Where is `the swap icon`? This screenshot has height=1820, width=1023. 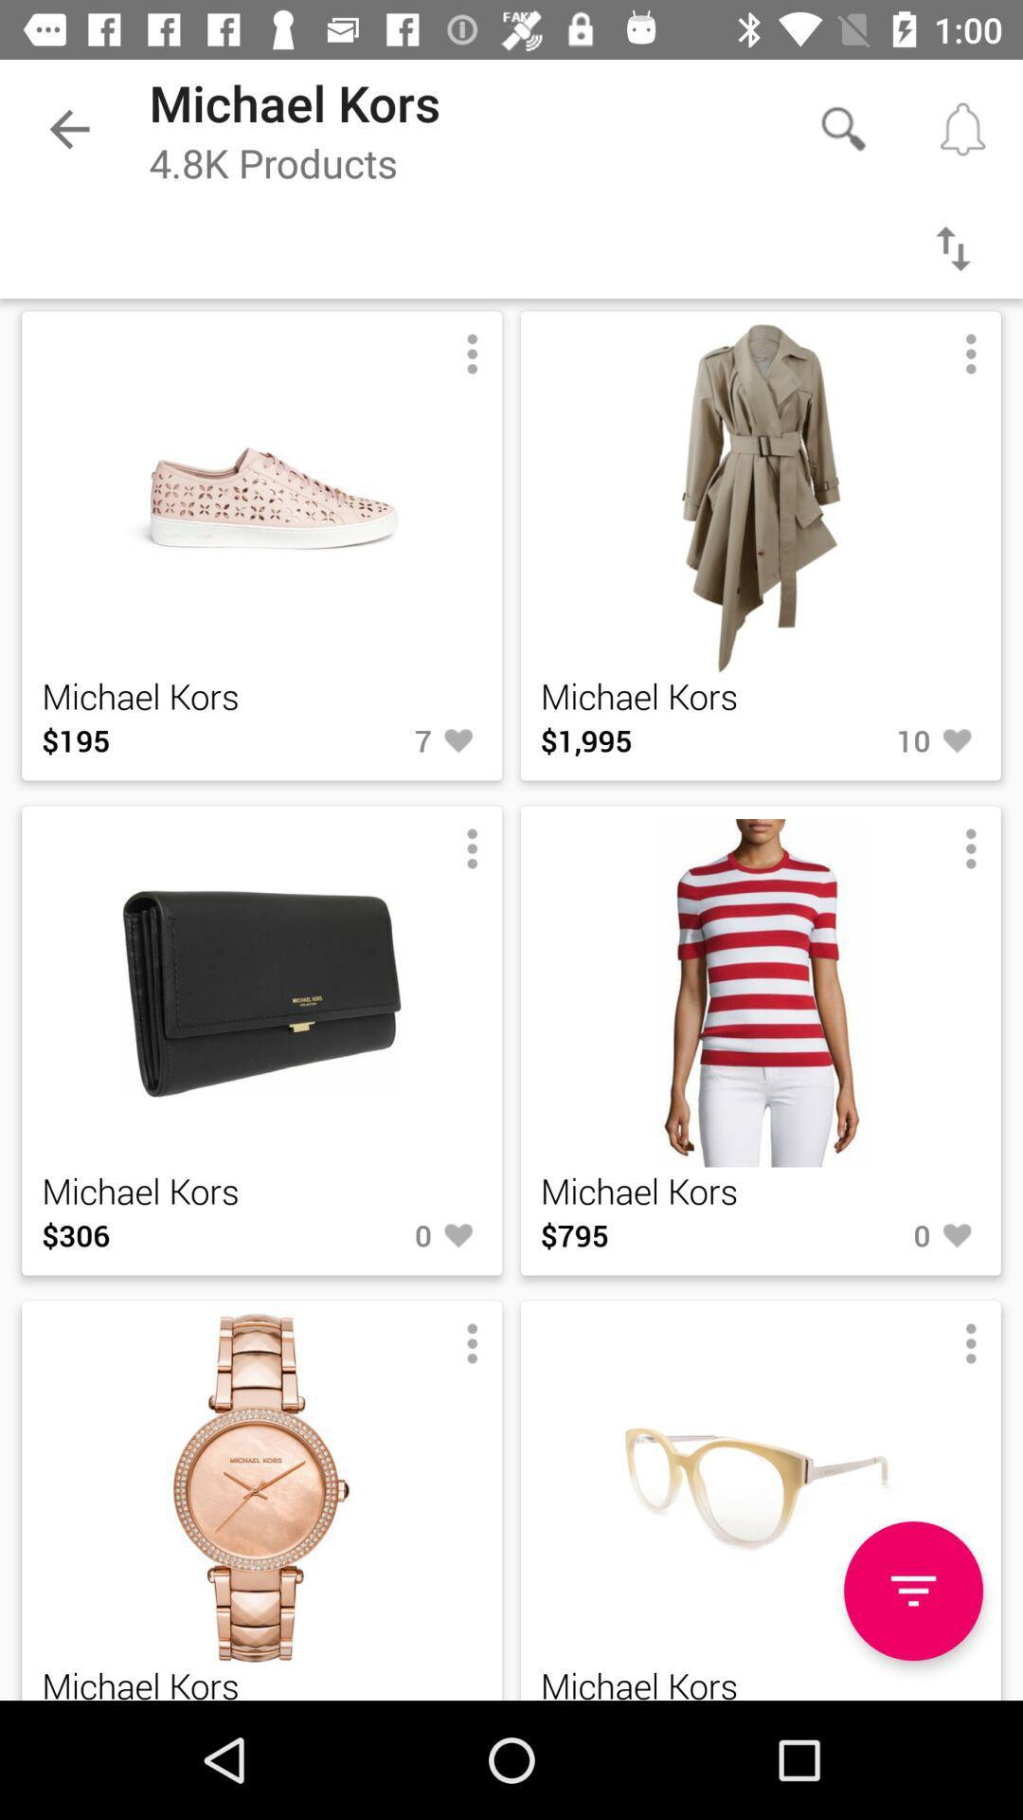 the swap icon is located at coordinates (953, 247).